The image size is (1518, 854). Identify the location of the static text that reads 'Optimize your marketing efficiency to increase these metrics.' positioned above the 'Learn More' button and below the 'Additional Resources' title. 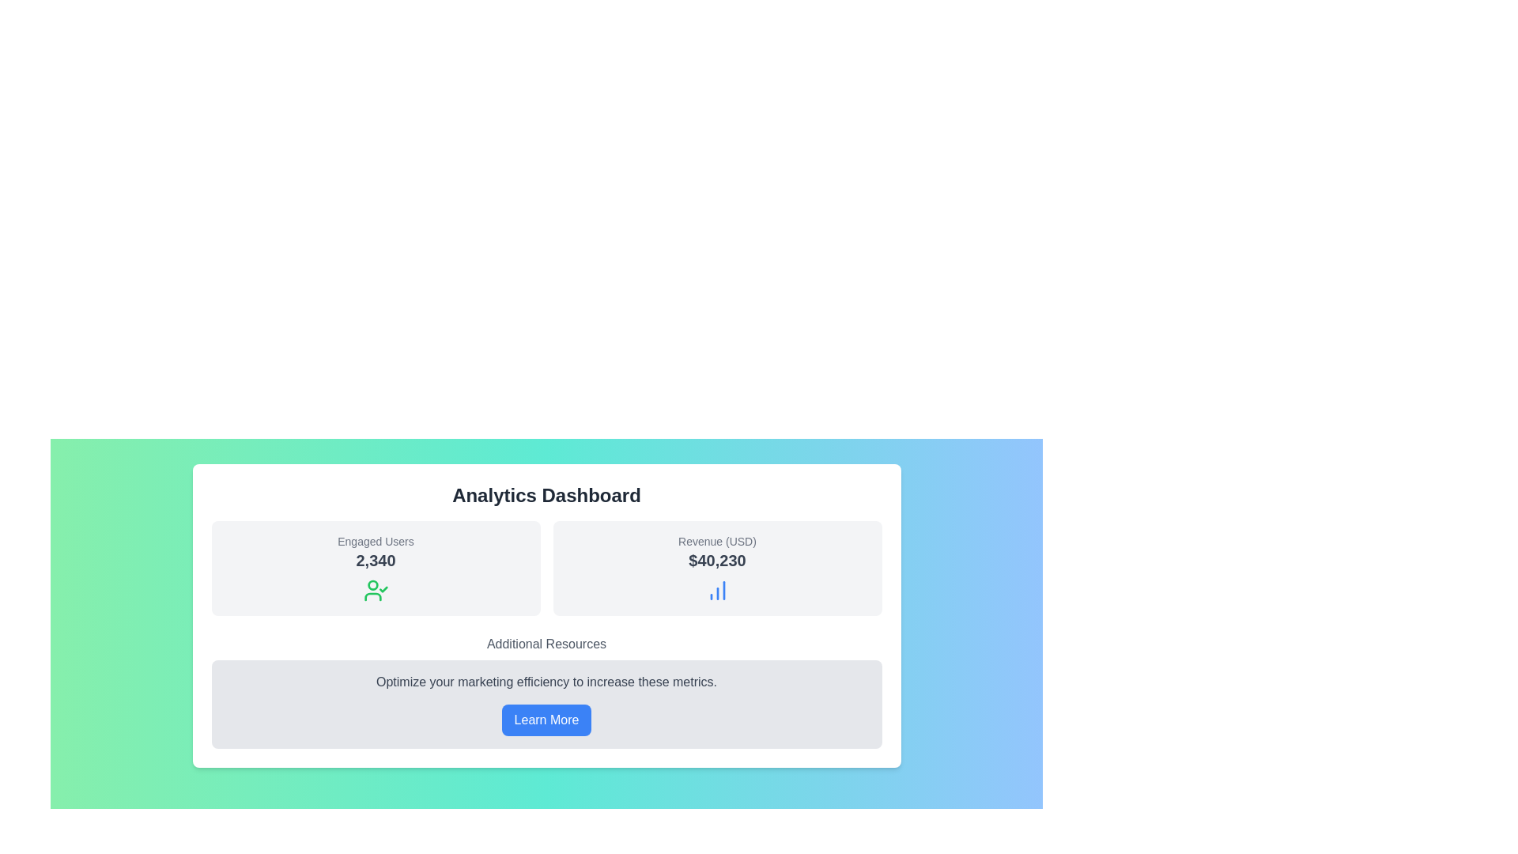
(546, 682).